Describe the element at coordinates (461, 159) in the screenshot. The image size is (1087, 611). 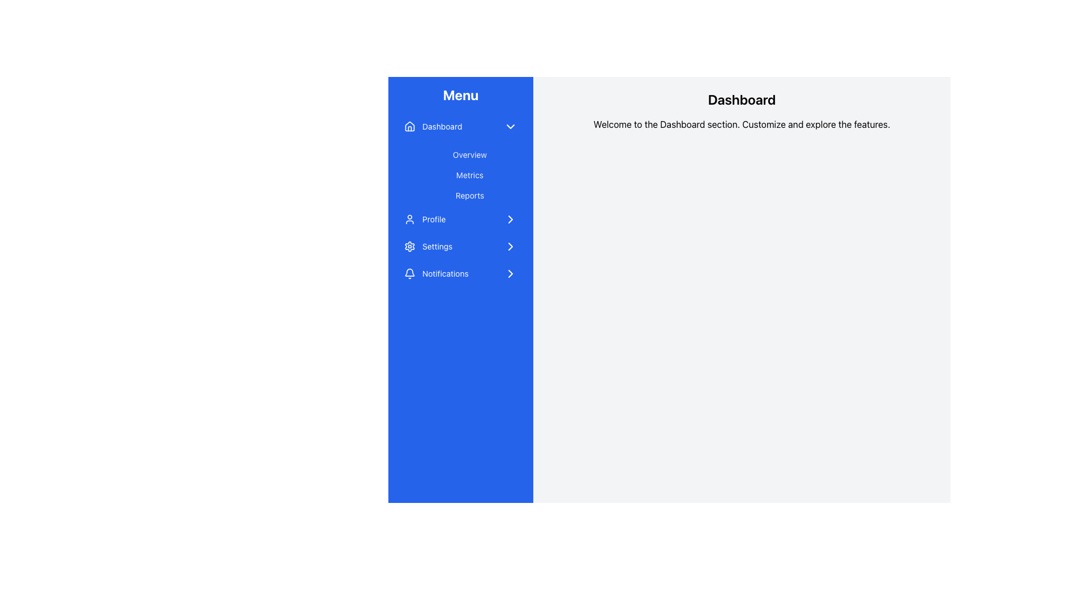
I see `the 'Overview' text button` at that location.